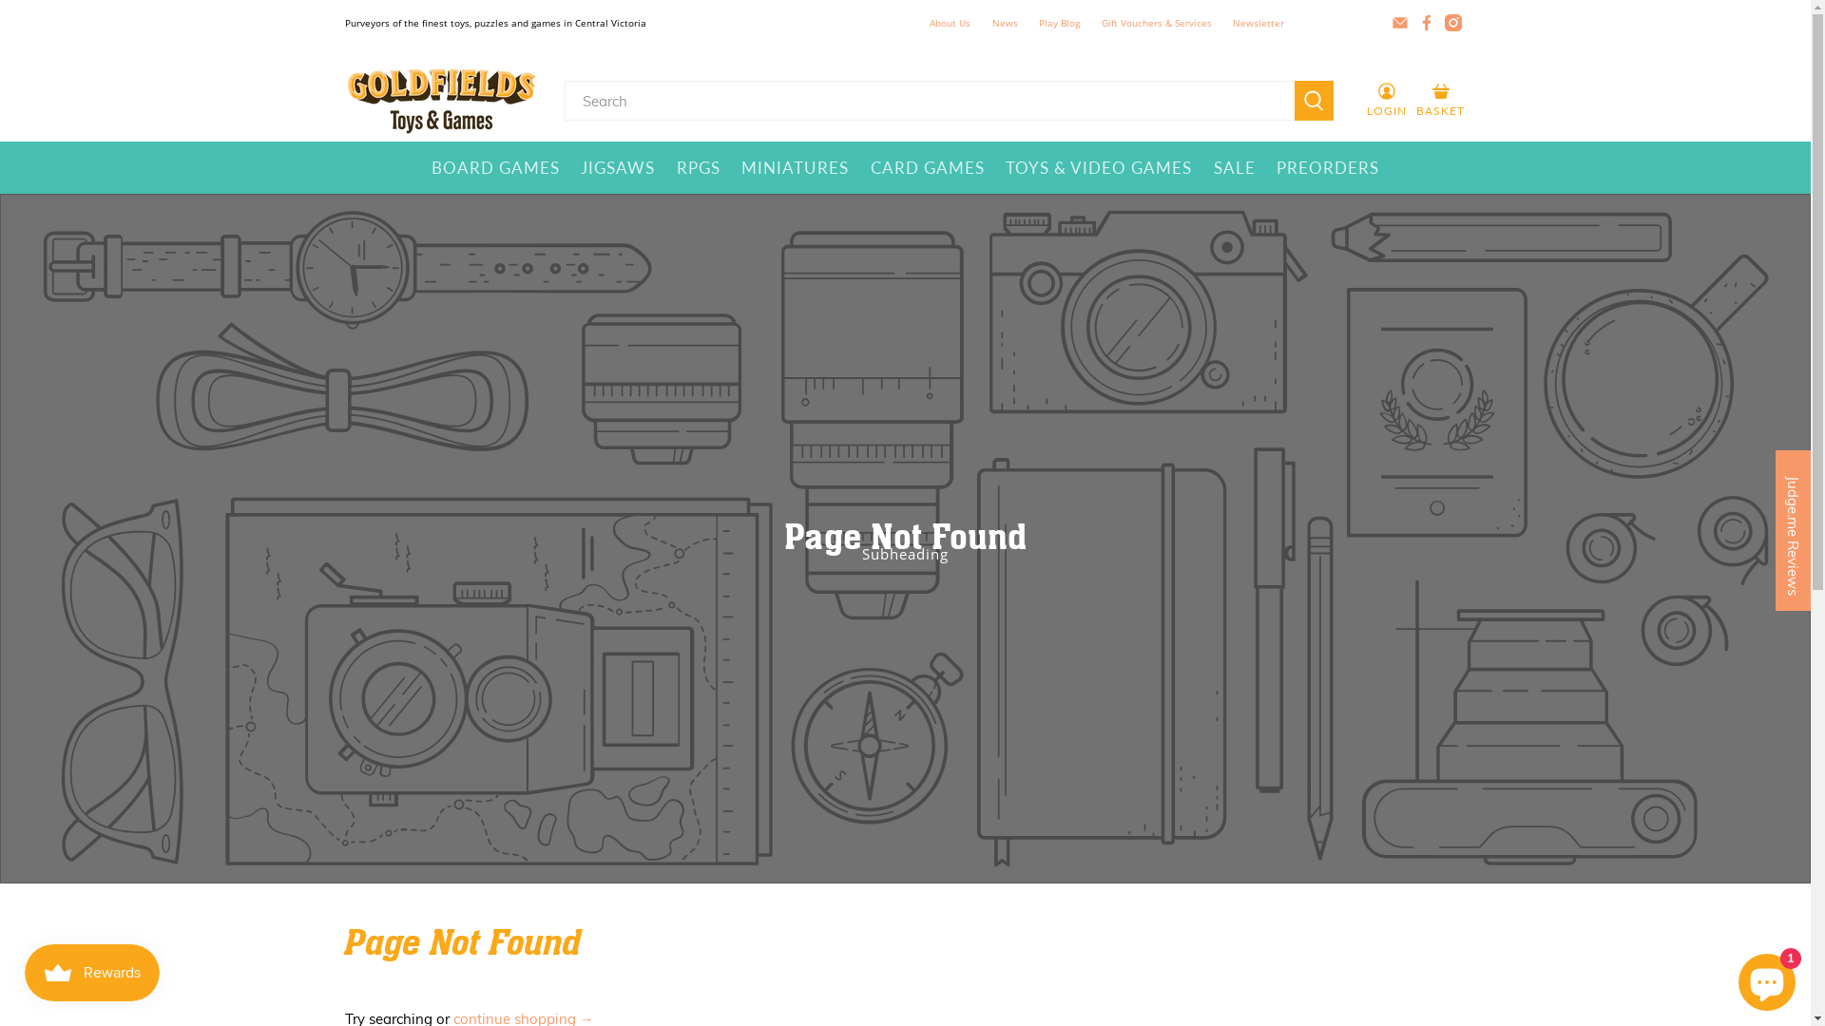 This screenshot has width=1825, height=1026. I want to click on 'SALE', so click(1235, 167).